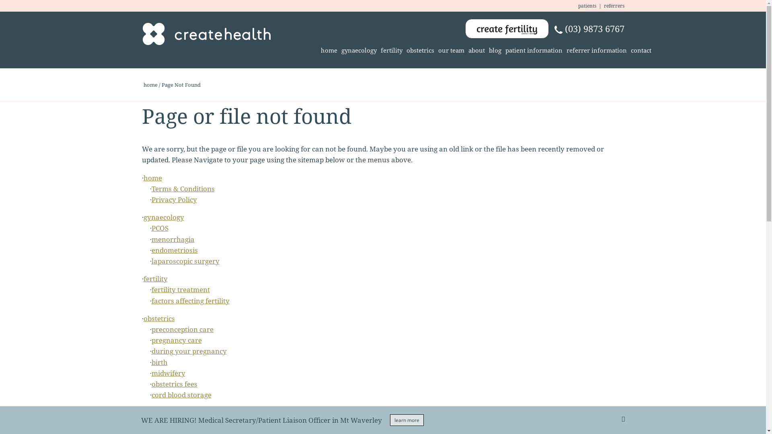 Image resolution: width=772 pixels, height=434 pixels. Describe the element at coordinates (143, 412) in the screenshot. I see `'our team'` at that location.